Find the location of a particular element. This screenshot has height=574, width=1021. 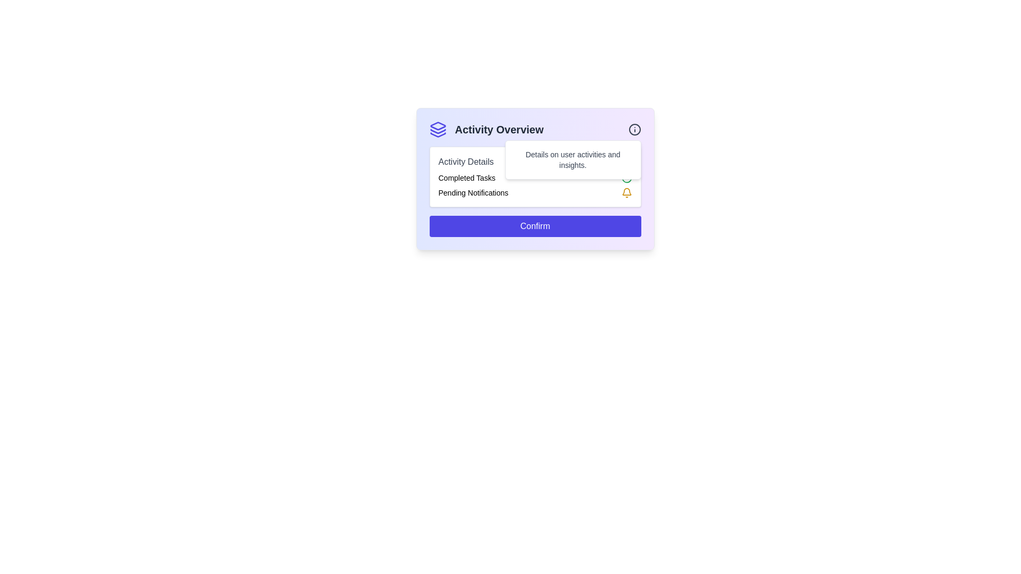

the circular information icon located in the top-right area of the panel, adjacent to the 'Activity Overview' header is located at coordinates (634, 129).